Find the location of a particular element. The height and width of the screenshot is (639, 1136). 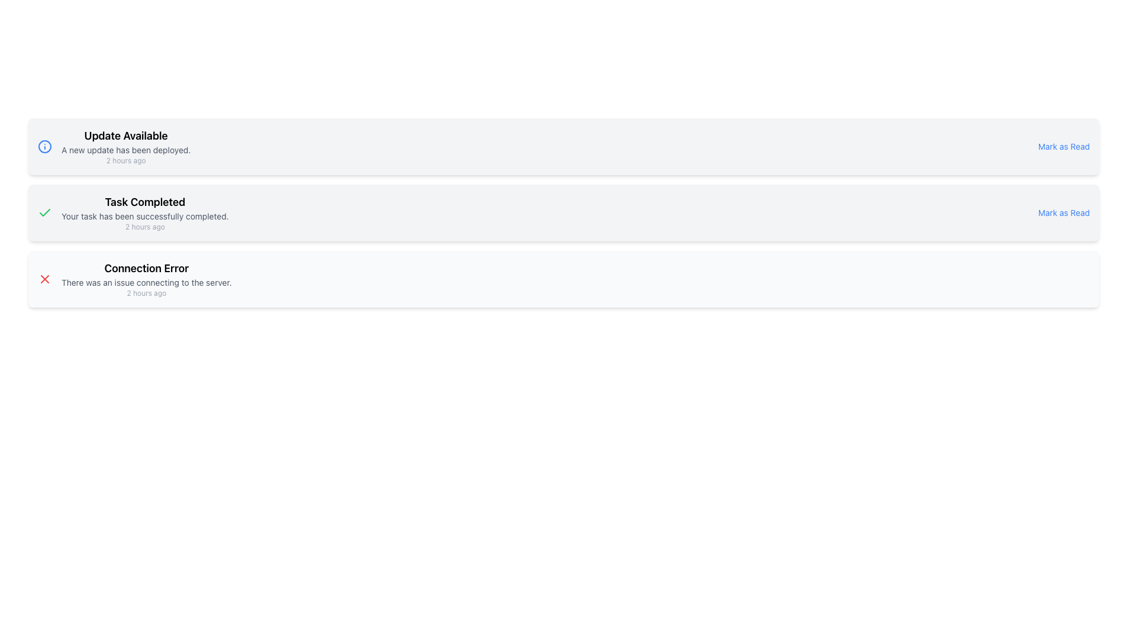

the error icon located at the top-left of the 'Connection Error' notification card, next to the title text 'Connection Error' is located at coordinates (45, 279).